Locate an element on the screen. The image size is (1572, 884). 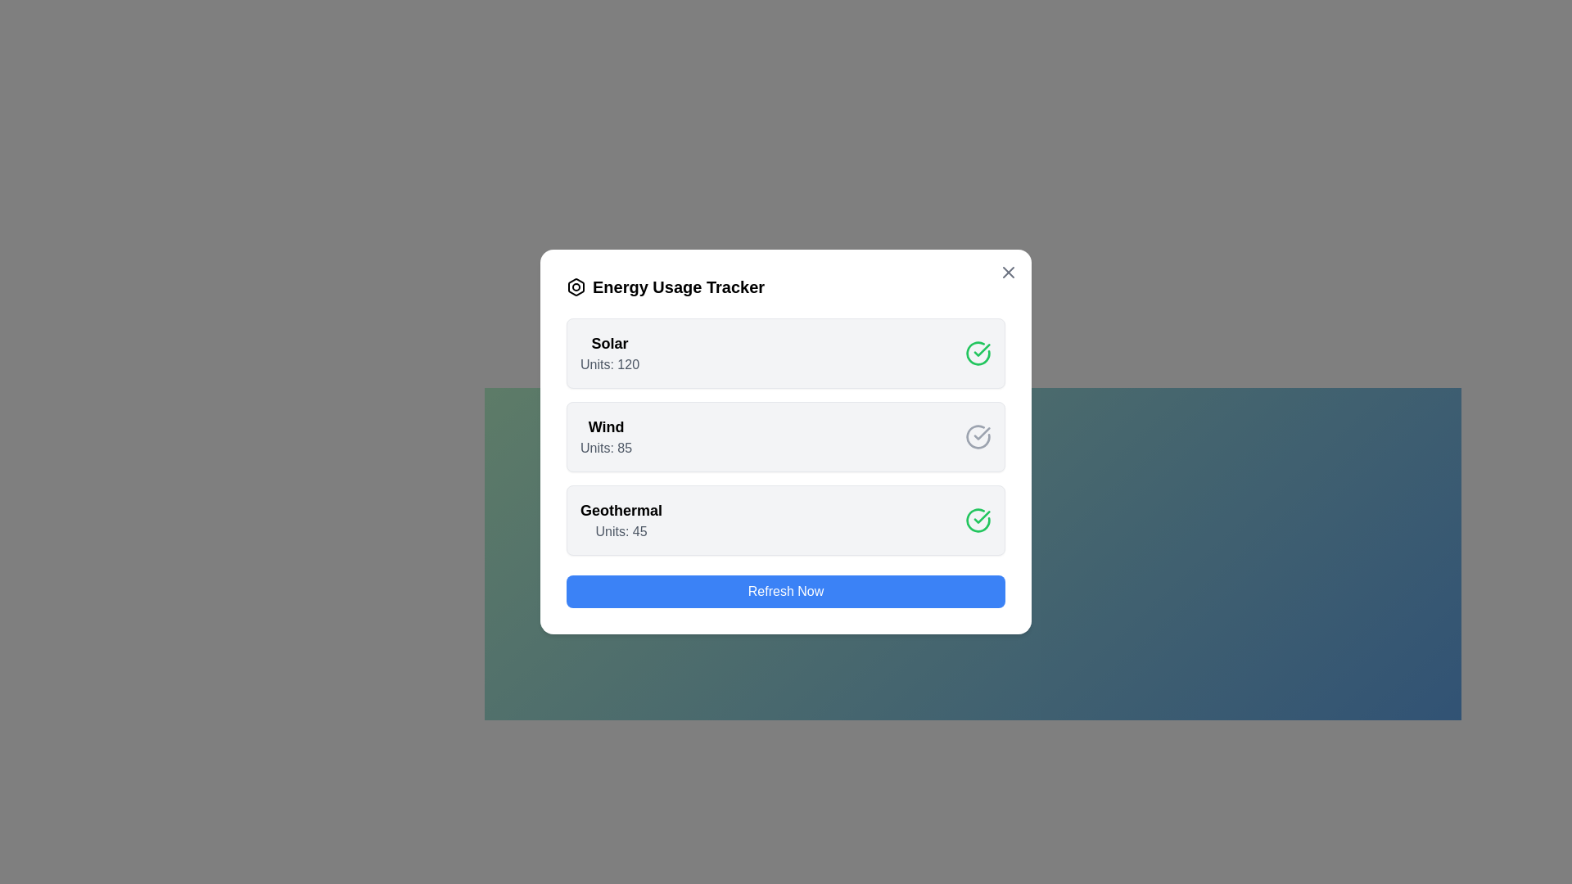
the 'Refresh Now' button, which is a rectangular button with rounded corners and a blue background located at the bottom center of the pop-up card is located at coordinates (786, 591).